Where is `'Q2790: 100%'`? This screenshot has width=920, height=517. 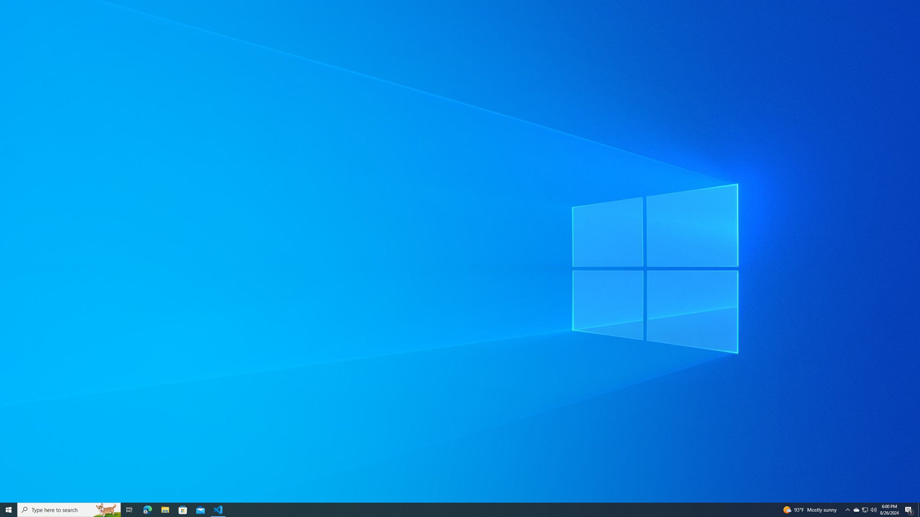 'Q2790: 100%' is located at coordinates (865, 509).